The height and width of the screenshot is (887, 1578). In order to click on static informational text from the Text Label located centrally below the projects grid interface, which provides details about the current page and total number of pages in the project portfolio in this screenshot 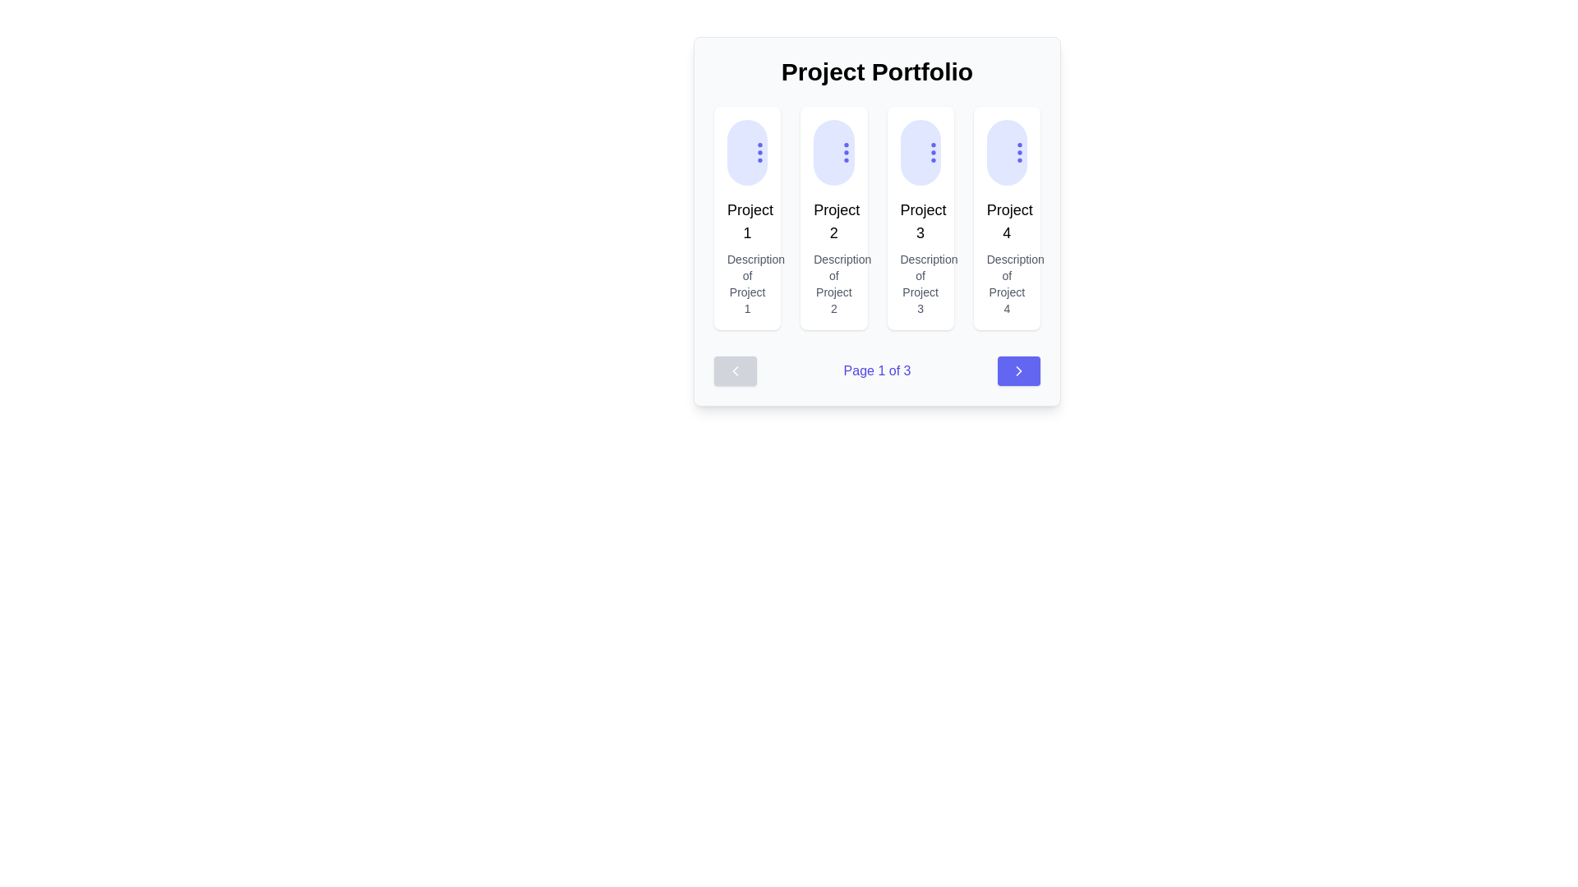, I will do `click(876, 370)`.